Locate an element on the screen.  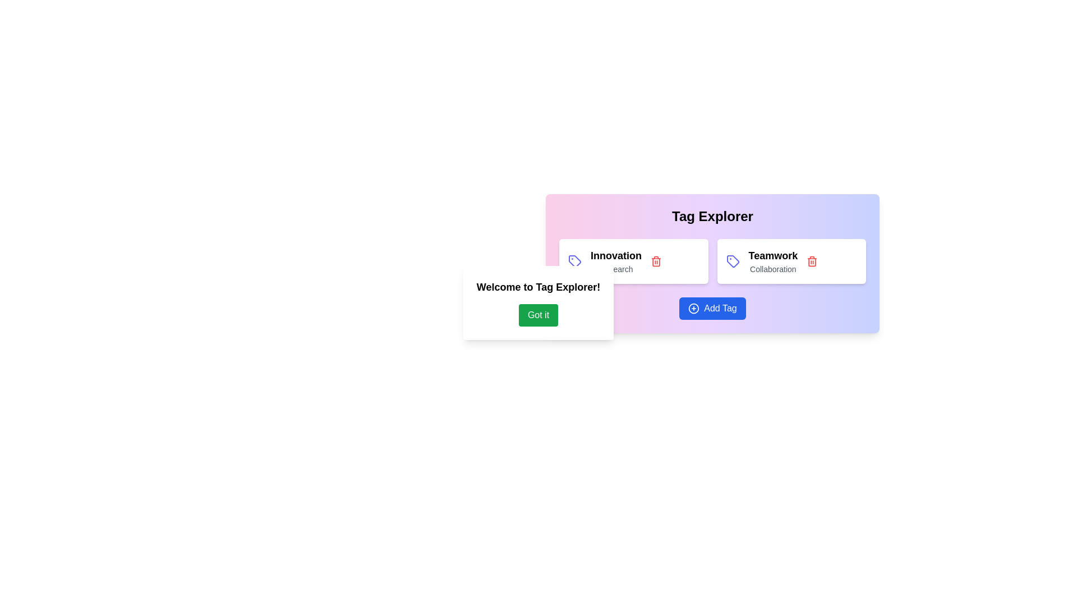
the green button labeled 'Got it' located in the lower section of the modal dialog to confirm or dismiss is located at coordinates (538, 315).